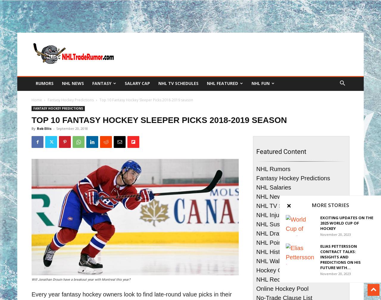 This screenshot has height=300, width=381. What do you see at coordinates (33, 128) in the screenshot?
I see `'By'` at bounding box center [33, 128].